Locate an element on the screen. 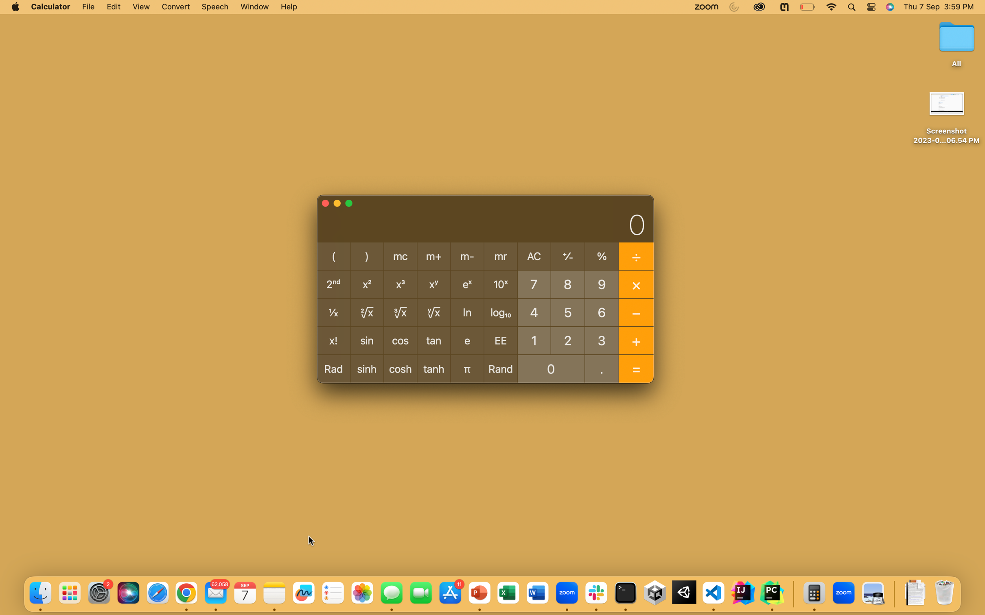  Compute the sine of an angle of 45 degrees is located at coordinates (533, 312).